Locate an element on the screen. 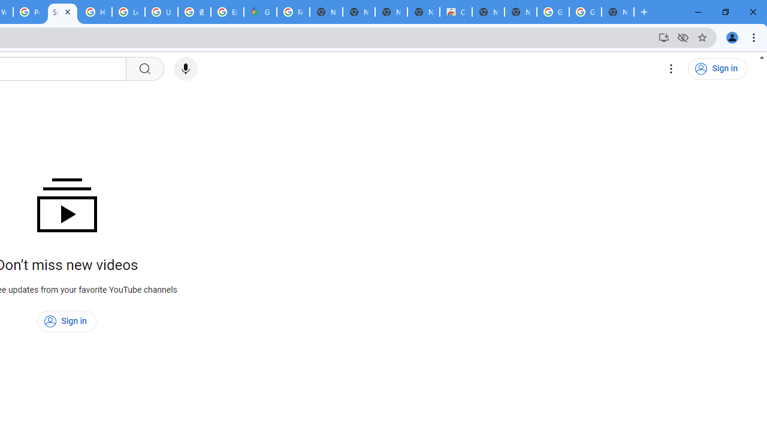 Image resolution: width=767 pixels, height=431 pixels. 'Subscriptions - YouTube' is located at coordinates (62, 12).